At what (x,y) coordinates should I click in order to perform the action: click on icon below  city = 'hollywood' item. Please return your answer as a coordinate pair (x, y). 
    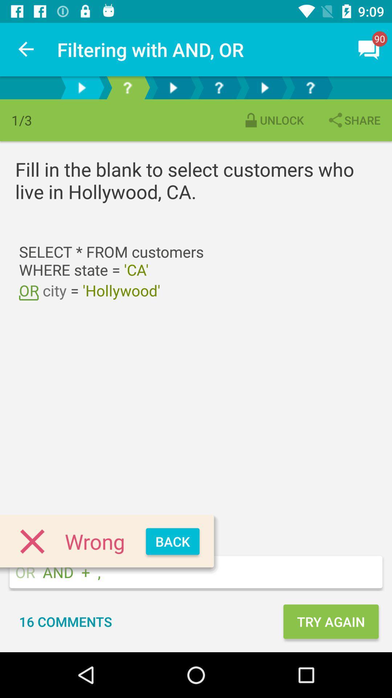
    Looking at the image, I should click on (172, 541).